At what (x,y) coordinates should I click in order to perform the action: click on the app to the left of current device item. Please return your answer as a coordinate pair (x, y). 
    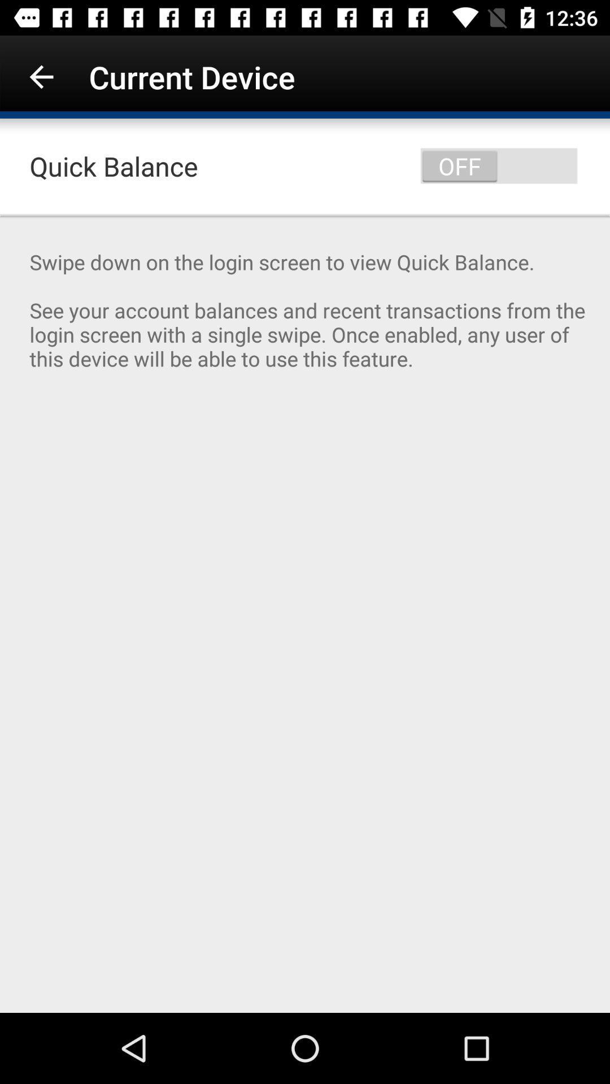
    Looking at the image, I should click on (41, 76).